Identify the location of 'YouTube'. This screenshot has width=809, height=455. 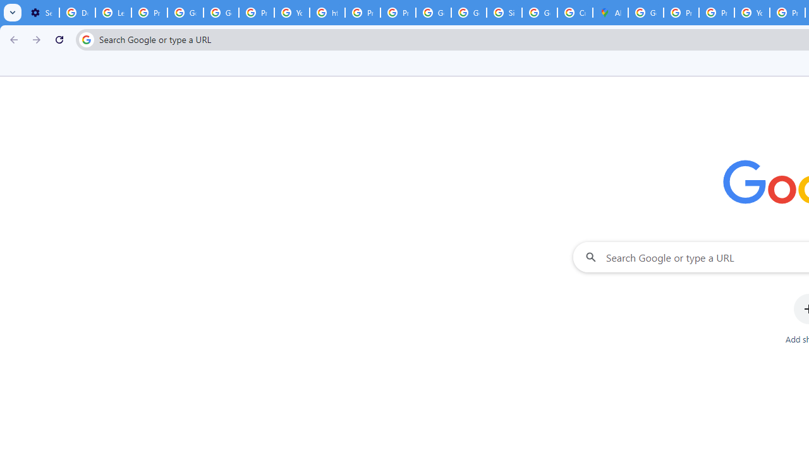
(291, 13).